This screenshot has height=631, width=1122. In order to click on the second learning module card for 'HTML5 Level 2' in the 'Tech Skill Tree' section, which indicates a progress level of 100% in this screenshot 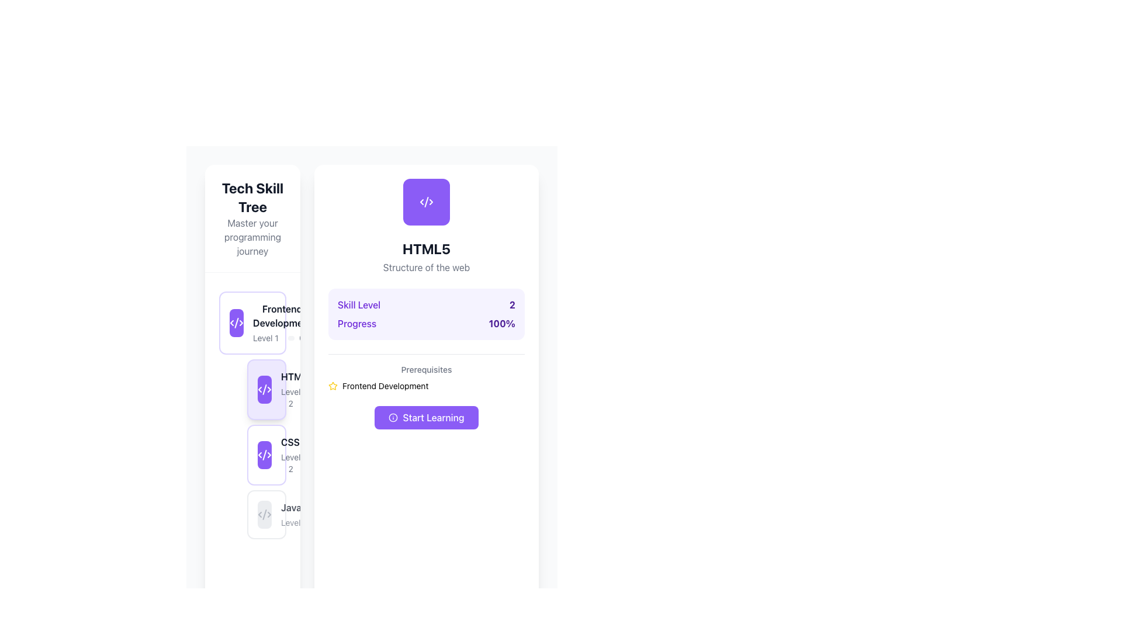, I will do `click(252, 414)`.